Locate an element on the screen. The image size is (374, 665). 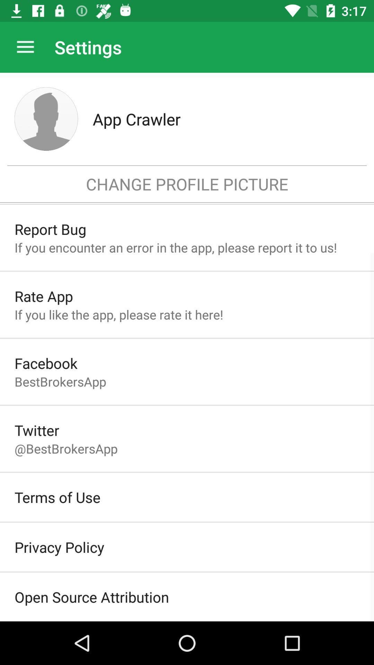
the app below settings icon is located at coordinates (226, 119).